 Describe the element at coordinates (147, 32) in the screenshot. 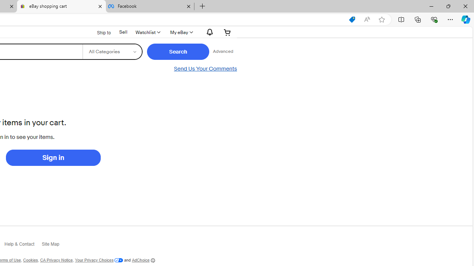

I see `'WatchlistExpand Watch List'` at that location.